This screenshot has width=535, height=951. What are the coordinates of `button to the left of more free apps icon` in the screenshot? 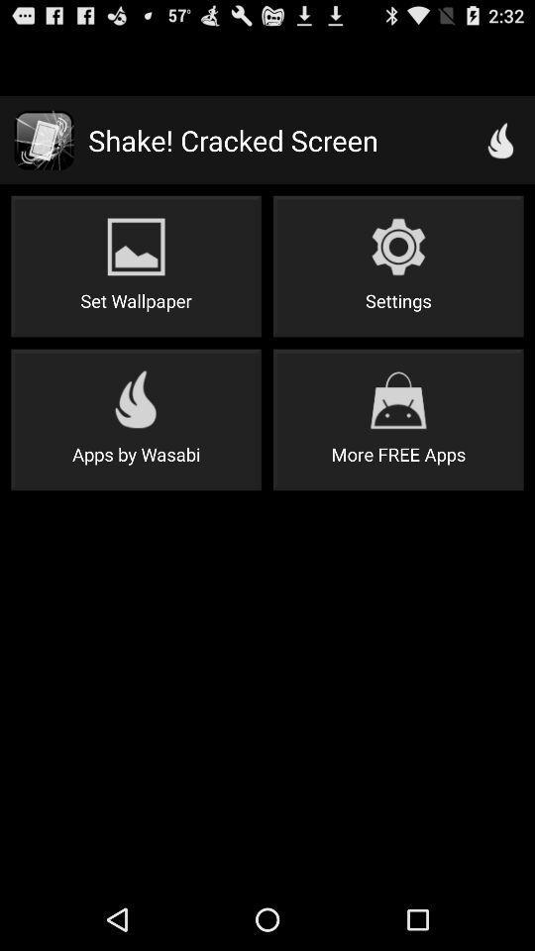 It's located at (135, 419).